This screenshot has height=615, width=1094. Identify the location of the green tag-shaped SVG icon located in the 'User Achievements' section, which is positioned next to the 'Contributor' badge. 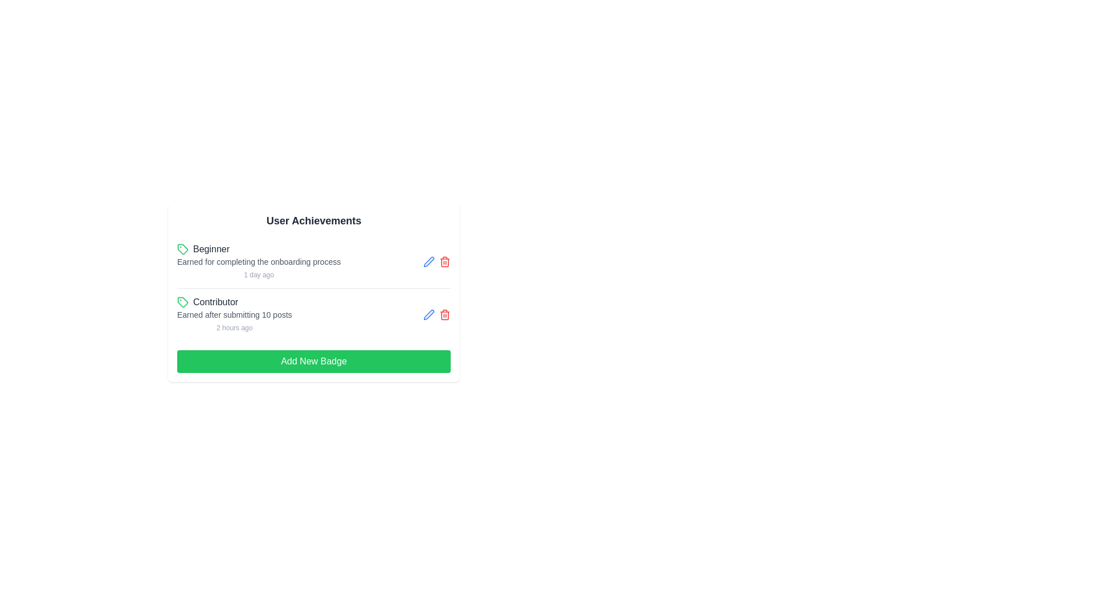
(183, 249).